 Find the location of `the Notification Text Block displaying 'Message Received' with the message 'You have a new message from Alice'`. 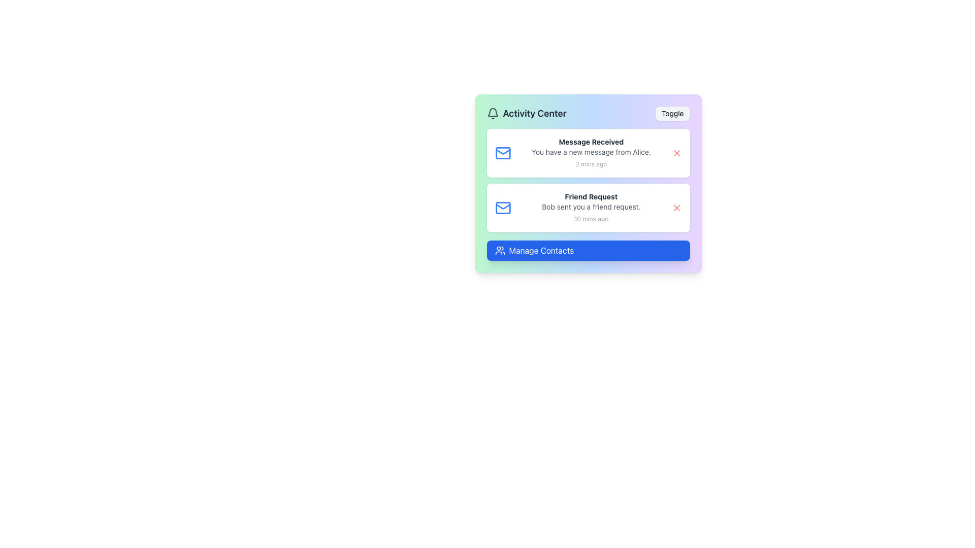

the Notification Text Block displaying 'Message Received' with the message 'You have a new message from Alice' is located at coordinates (591, 153).